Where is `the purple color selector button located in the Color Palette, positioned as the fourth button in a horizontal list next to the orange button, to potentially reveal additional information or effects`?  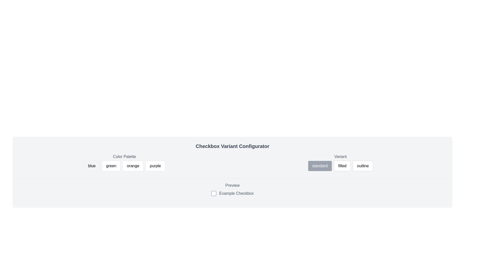 the purple color selector button located in the Color Palette, positioned as the fourth button in a horizontal list next to the orange button, to potentially reveal additional information or effects is located at coordinates (155, 166).